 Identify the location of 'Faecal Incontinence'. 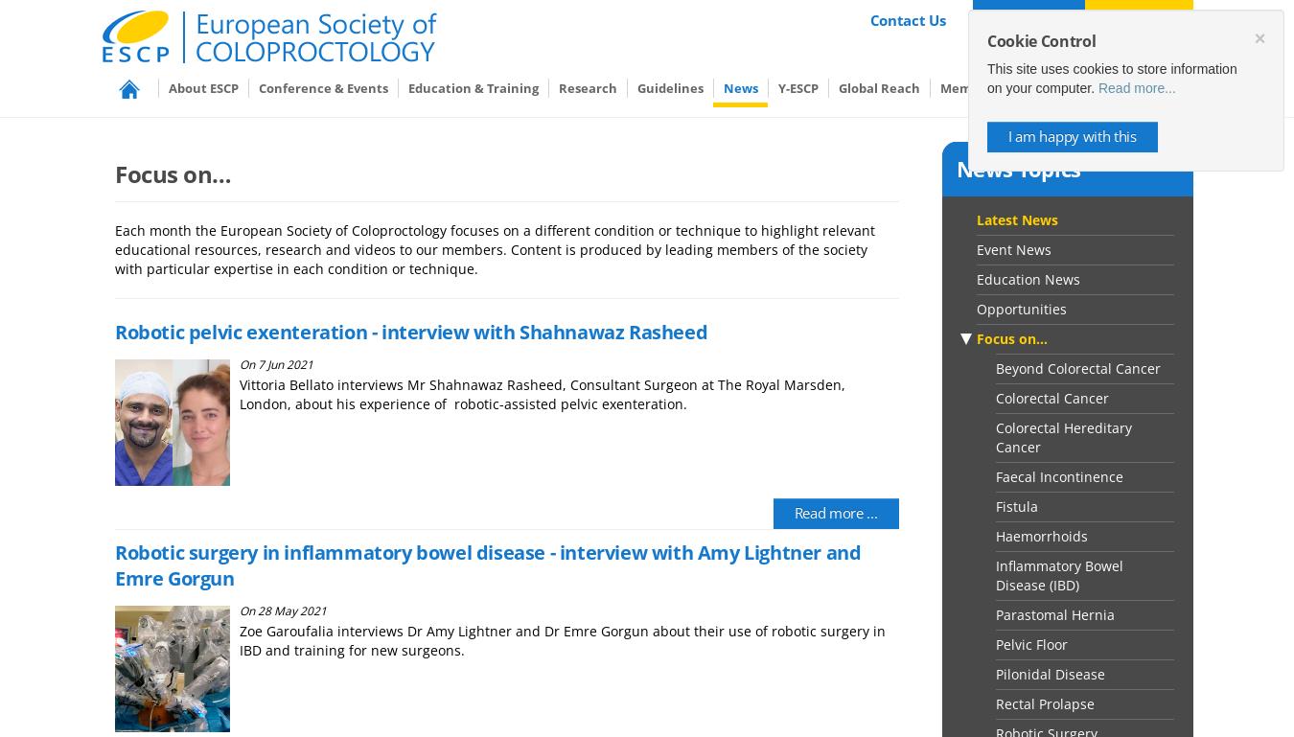
(1058, 475).